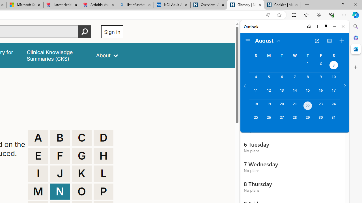 The image size is (362, 203). Describe the element at coordinates (282, 92) in the screenshot. I see `'Tuesday, August 13, 2024. '` at that location.